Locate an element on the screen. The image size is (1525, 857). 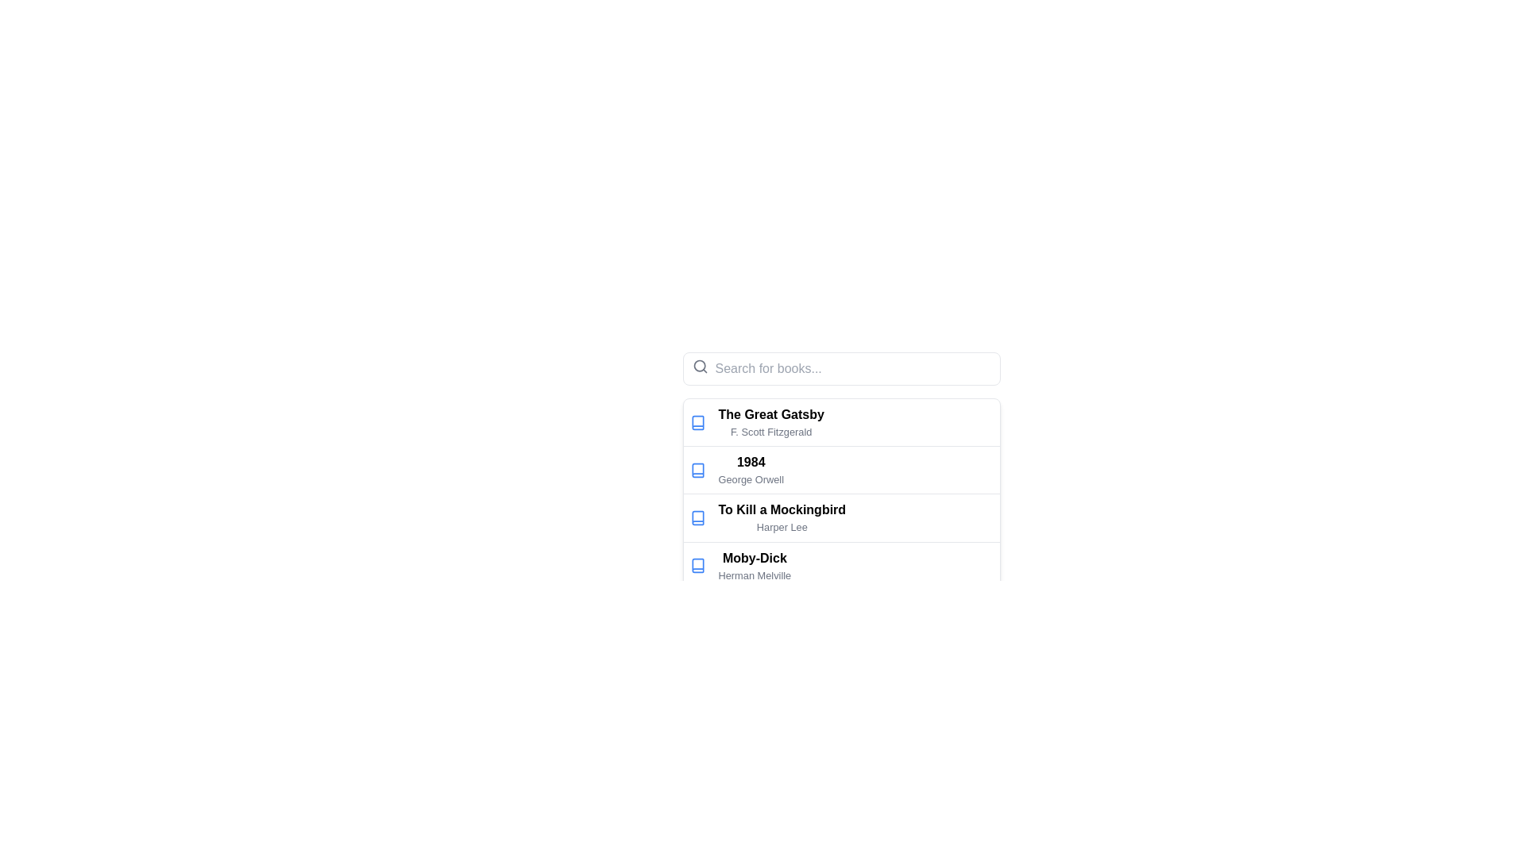
the text element displaying the title 'Moby-Dick' and author 'Herman Melville' is located at coordinates (754, 565).